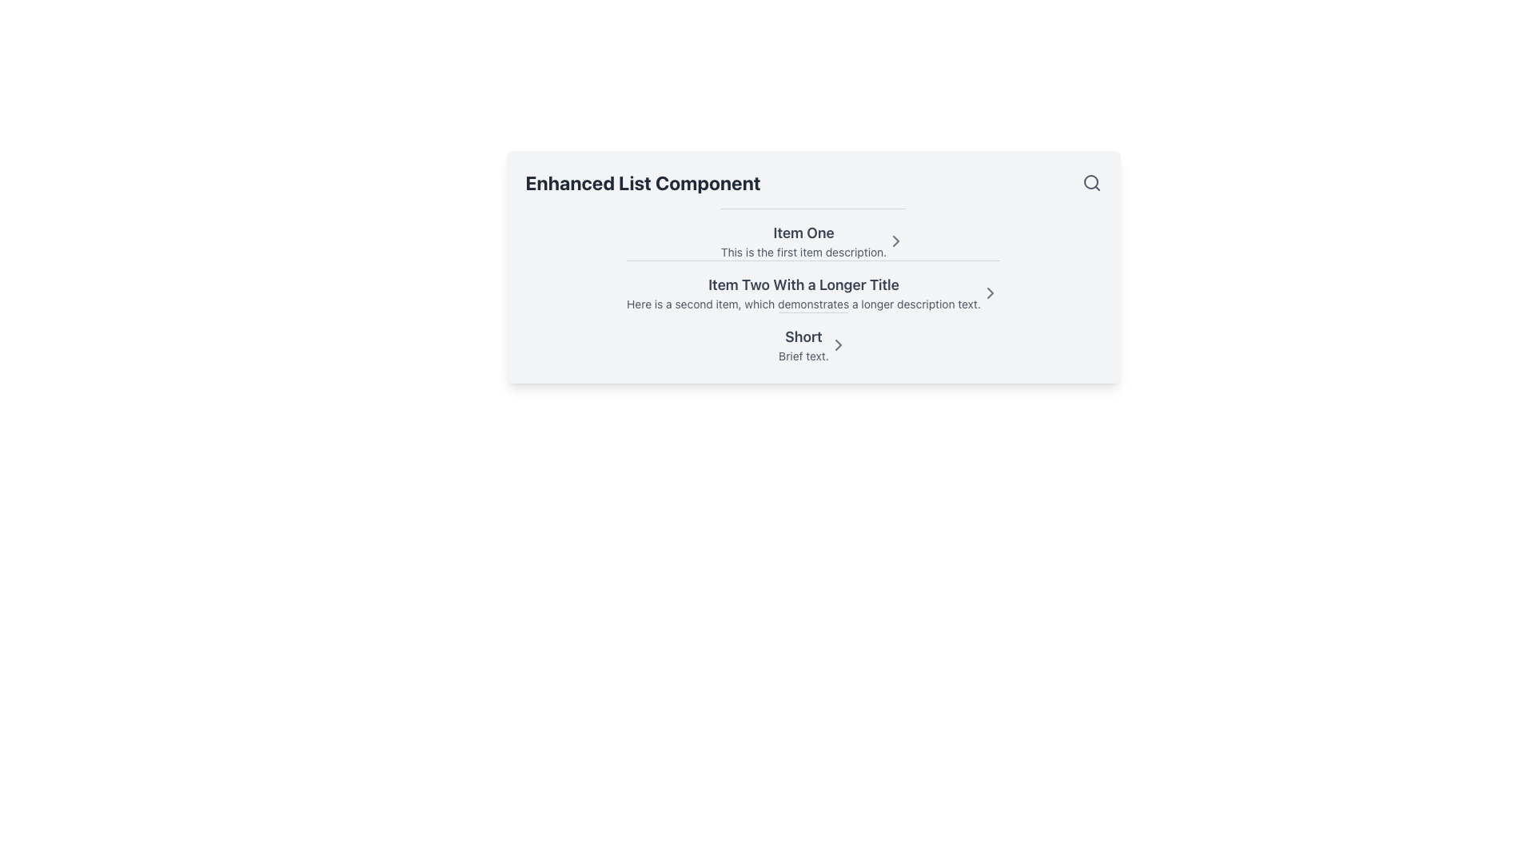  I want to click on the list item titled 'Item Two With a Longer Title' for accessibility navigation, so click(813, 292).